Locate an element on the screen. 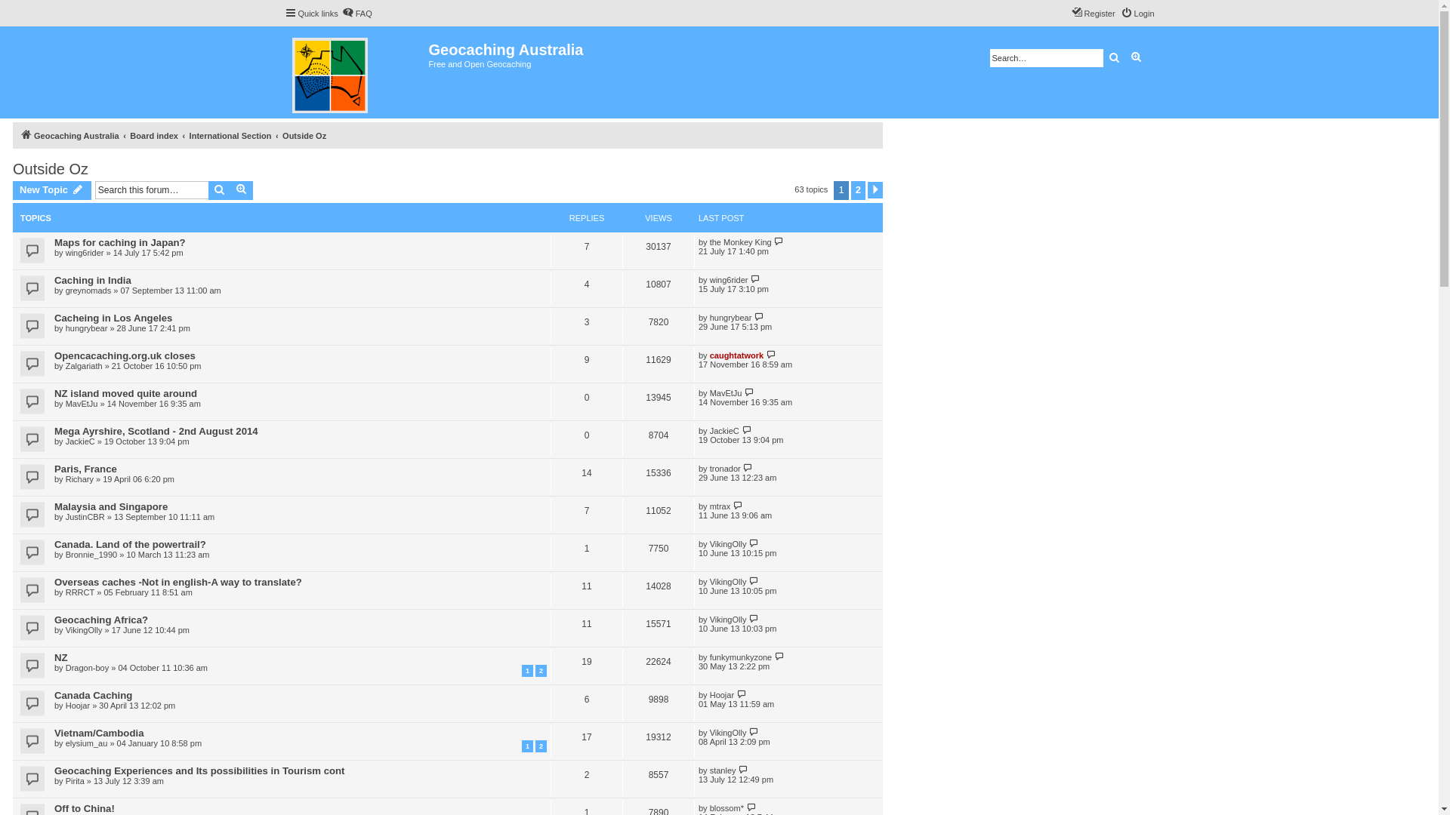 The width and height of the screenshot is (1450, 815). 'Board index' is located at coordinates (153, 136).